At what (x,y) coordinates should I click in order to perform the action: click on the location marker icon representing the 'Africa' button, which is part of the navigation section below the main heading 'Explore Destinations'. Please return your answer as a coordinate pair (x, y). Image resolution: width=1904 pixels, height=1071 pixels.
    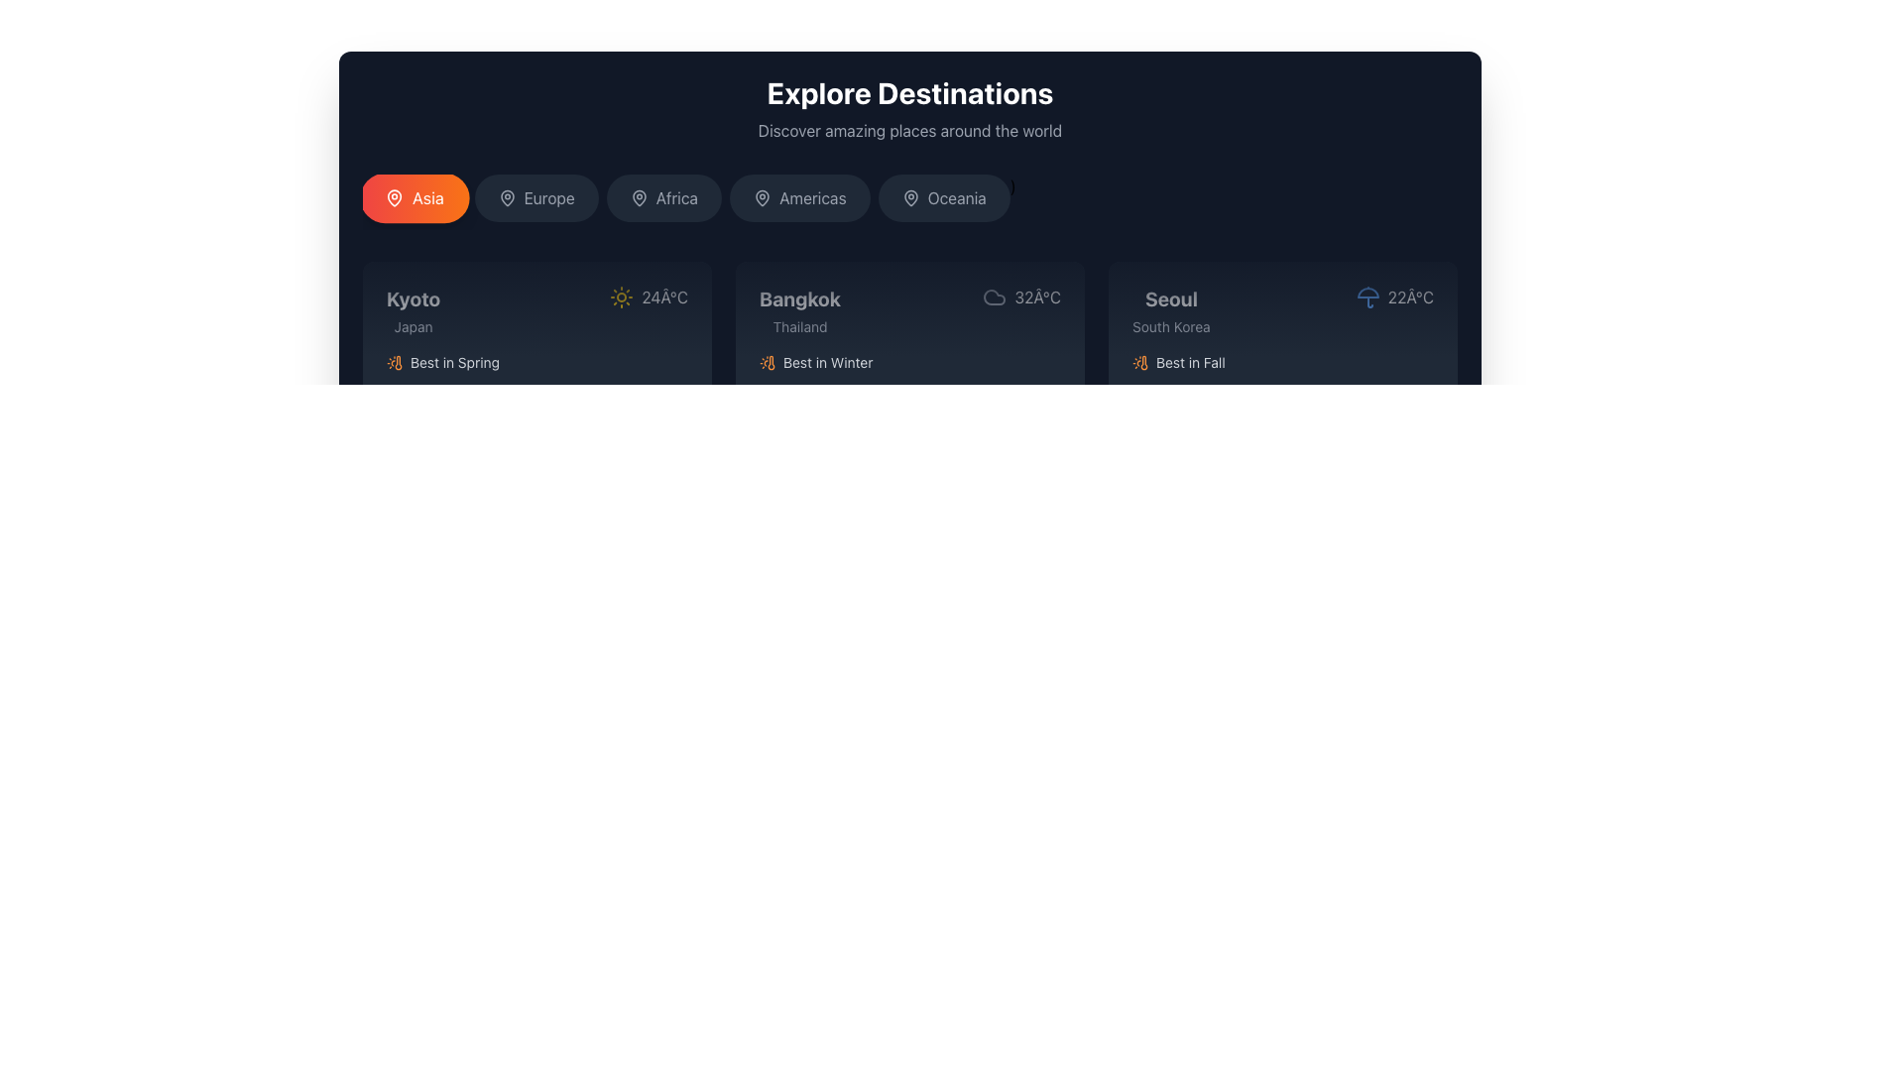
    Looking at the image, I should click on (639, 198).